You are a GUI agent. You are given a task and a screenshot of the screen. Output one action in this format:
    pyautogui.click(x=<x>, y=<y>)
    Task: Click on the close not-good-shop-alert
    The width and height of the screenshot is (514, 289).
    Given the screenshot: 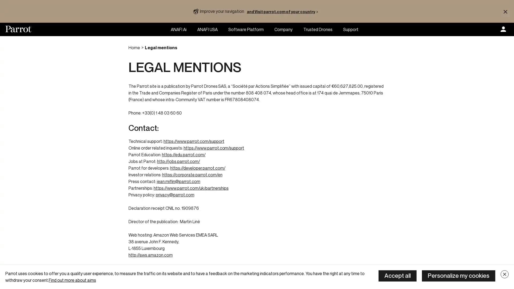 What is the action you would take?
    pyautogui.click(x=505, y=11)
    